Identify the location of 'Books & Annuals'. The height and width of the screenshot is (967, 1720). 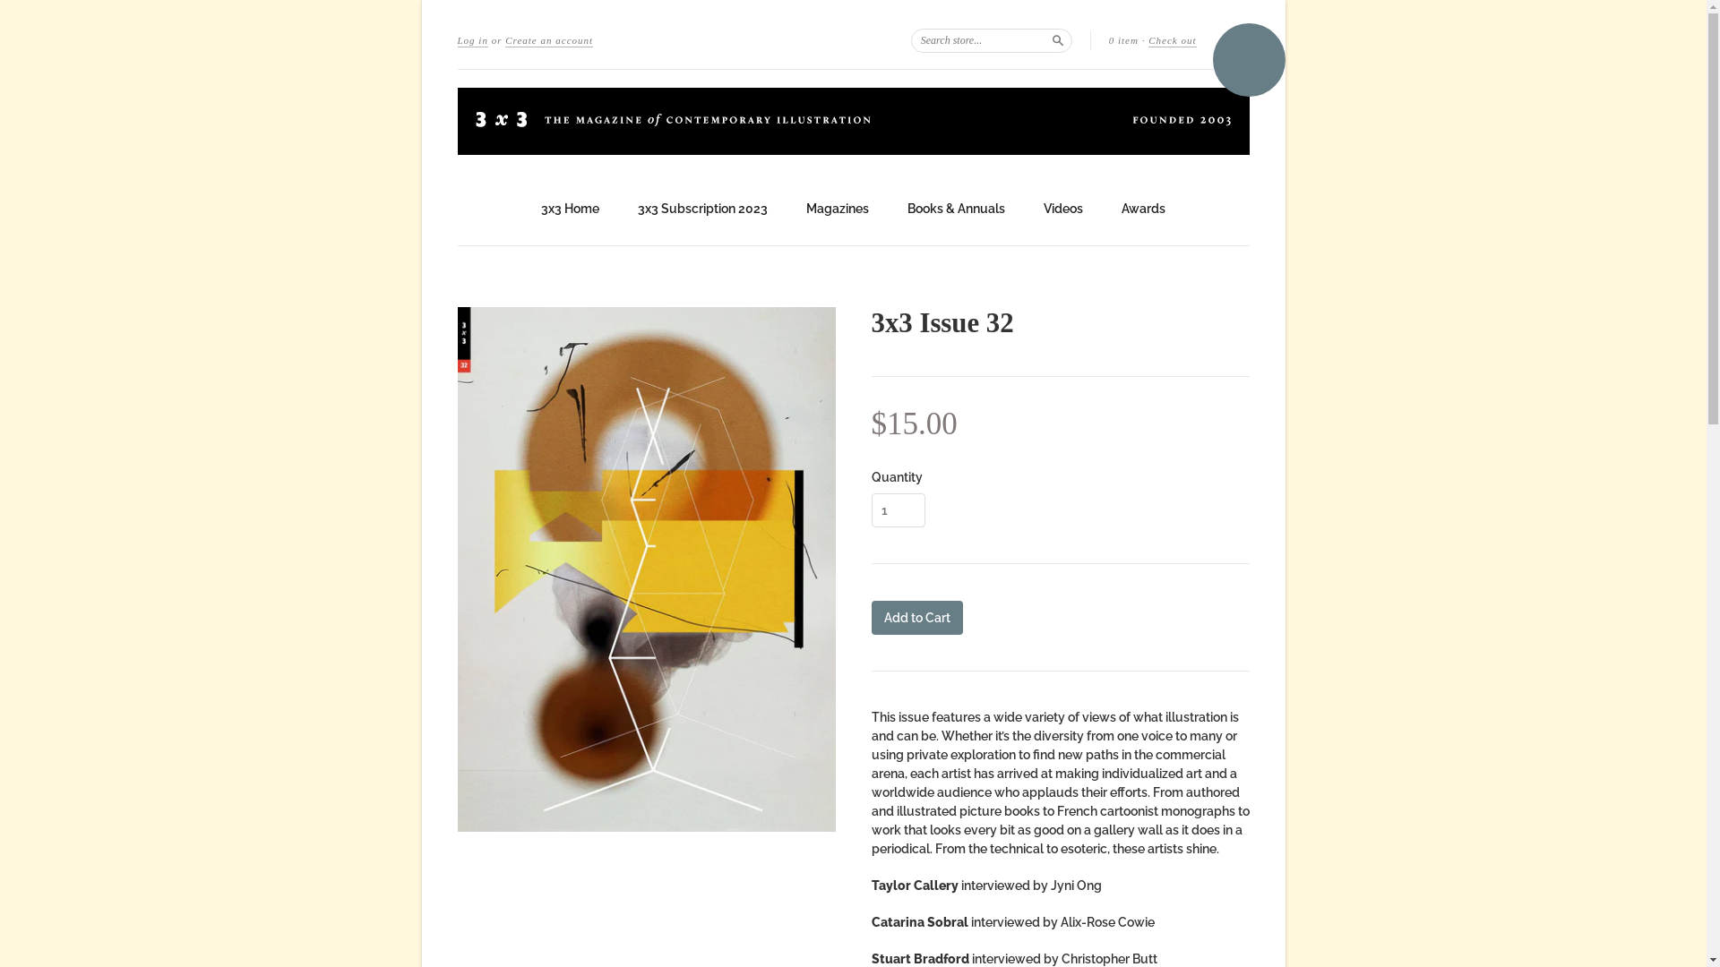
(955, 208).